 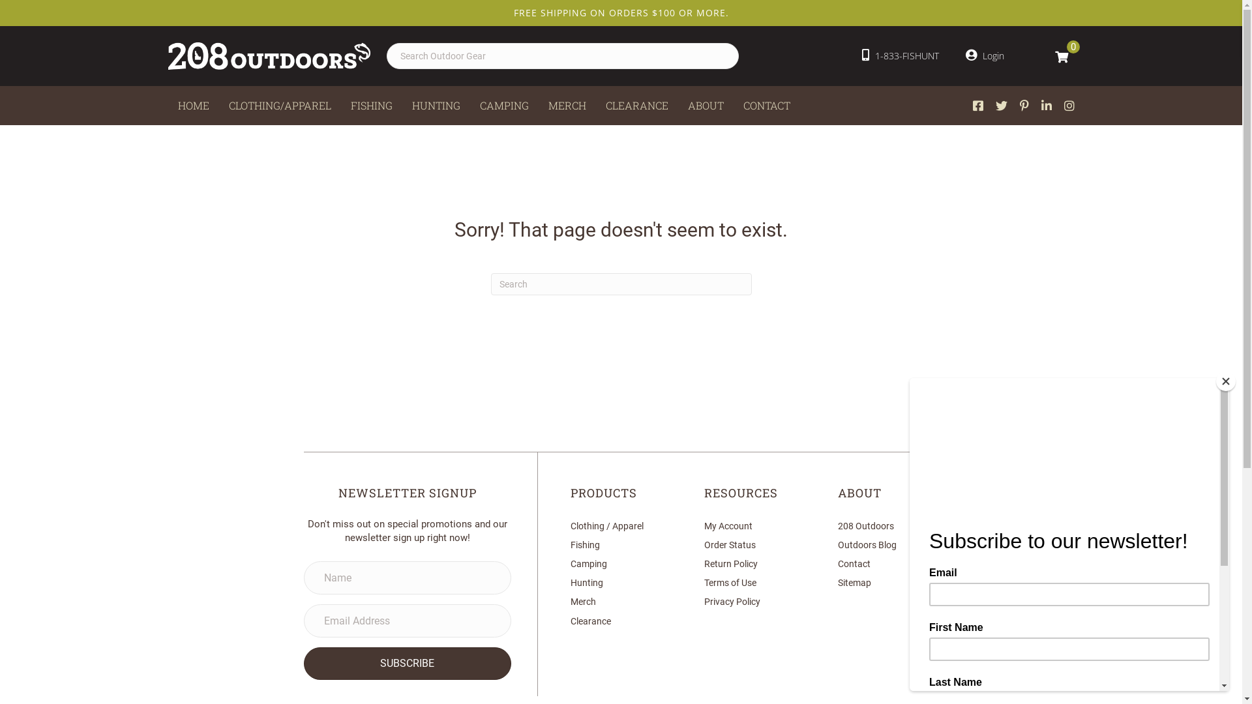 I want to click on 'Type and press Enter to search.', so click(x=619, y=283).